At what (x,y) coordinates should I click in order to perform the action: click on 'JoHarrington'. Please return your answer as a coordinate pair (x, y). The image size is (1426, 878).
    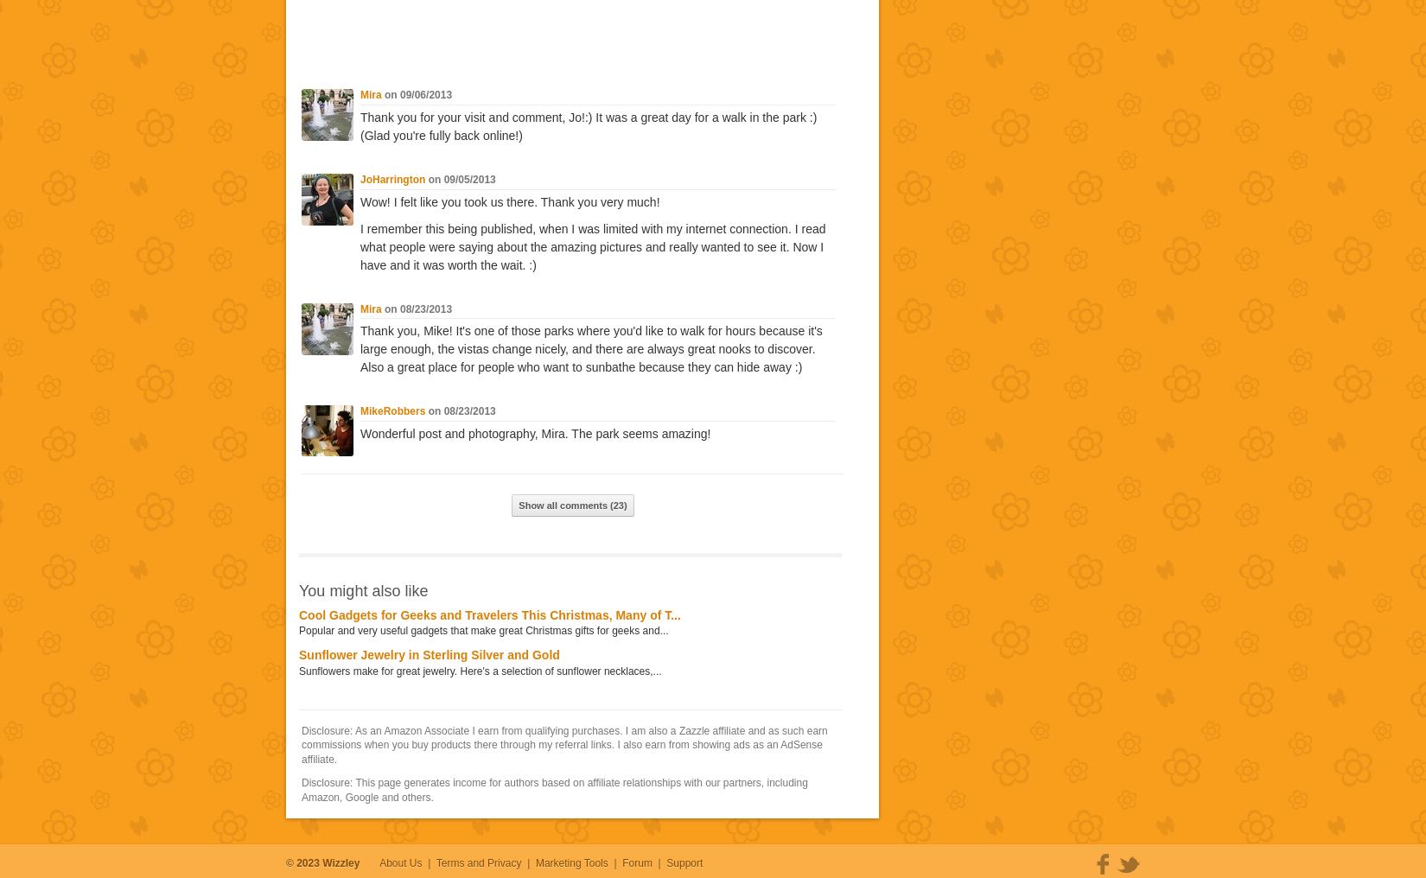
    Looking at the image, I should click on (392, 179).